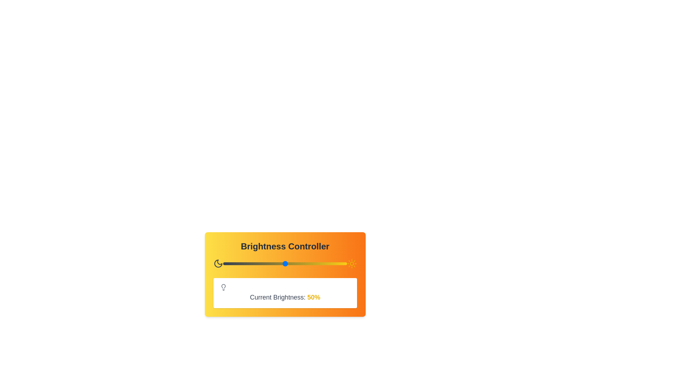  Describe the element at coordinates (343, 264) in the screenshot. I see `the brightness level to 97% by interacting with the slider` at that location.